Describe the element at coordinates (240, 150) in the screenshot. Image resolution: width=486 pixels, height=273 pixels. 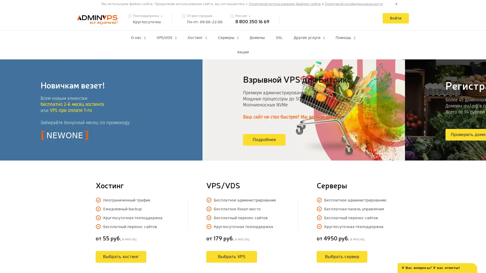
I see `2` at that location.